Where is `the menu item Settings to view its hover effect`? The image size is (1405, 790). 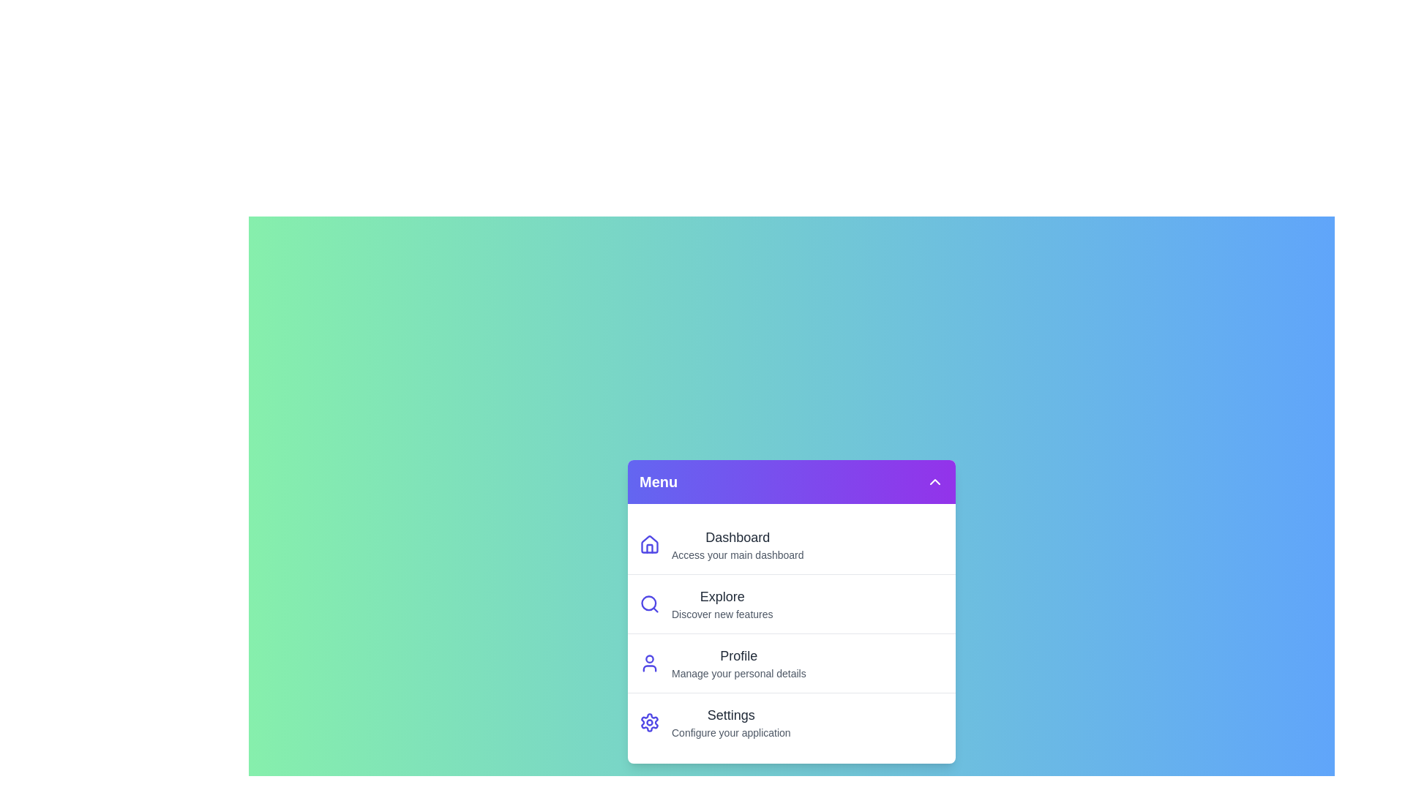
the menu item Settings to view its hover effect is located at coordinates (790, 721).